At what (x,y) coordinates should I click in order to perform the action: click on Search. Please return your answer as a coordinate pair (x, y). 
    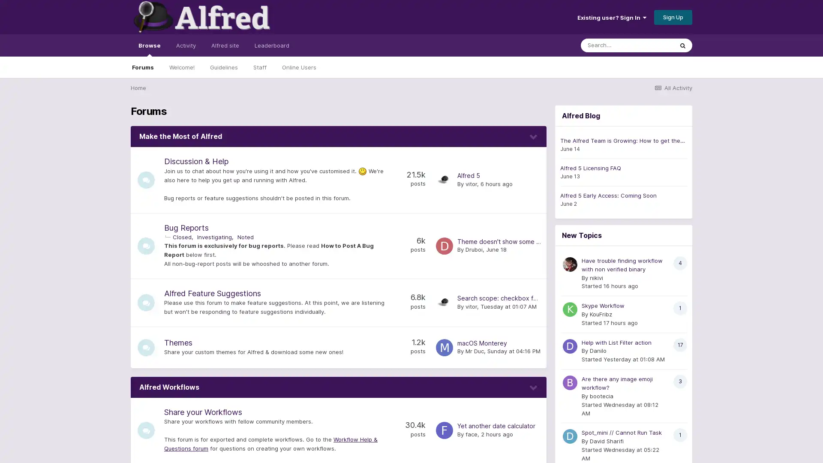
    Looking at the image, I should click on (682, 45).